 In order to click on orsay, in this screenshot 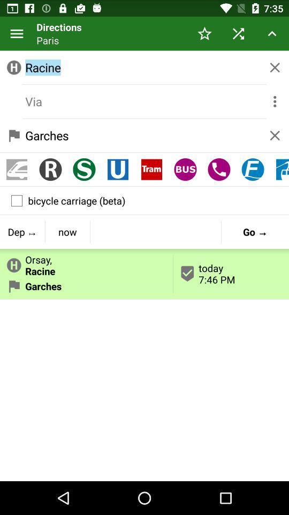, I will do `click(86, 262)`.